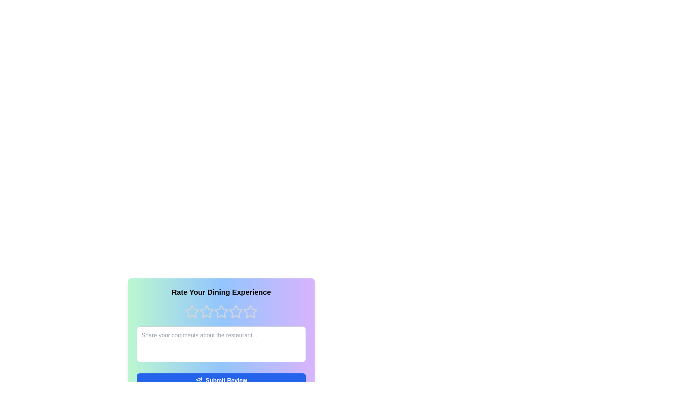 This screenshot has height=393, width=700. What do you see at coordinates (199, 380) in the screenshot?
I see `the 'send' action icon located to the left of the 'Submit Review' text within the blue 'Submit Review' button` at bounding box center [199, 380].